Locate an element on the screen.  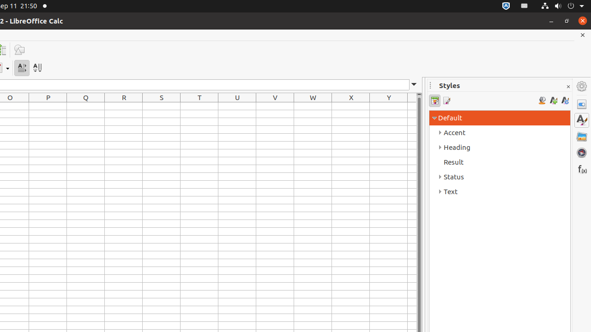
'P1' is located at coordinates (48, 106).